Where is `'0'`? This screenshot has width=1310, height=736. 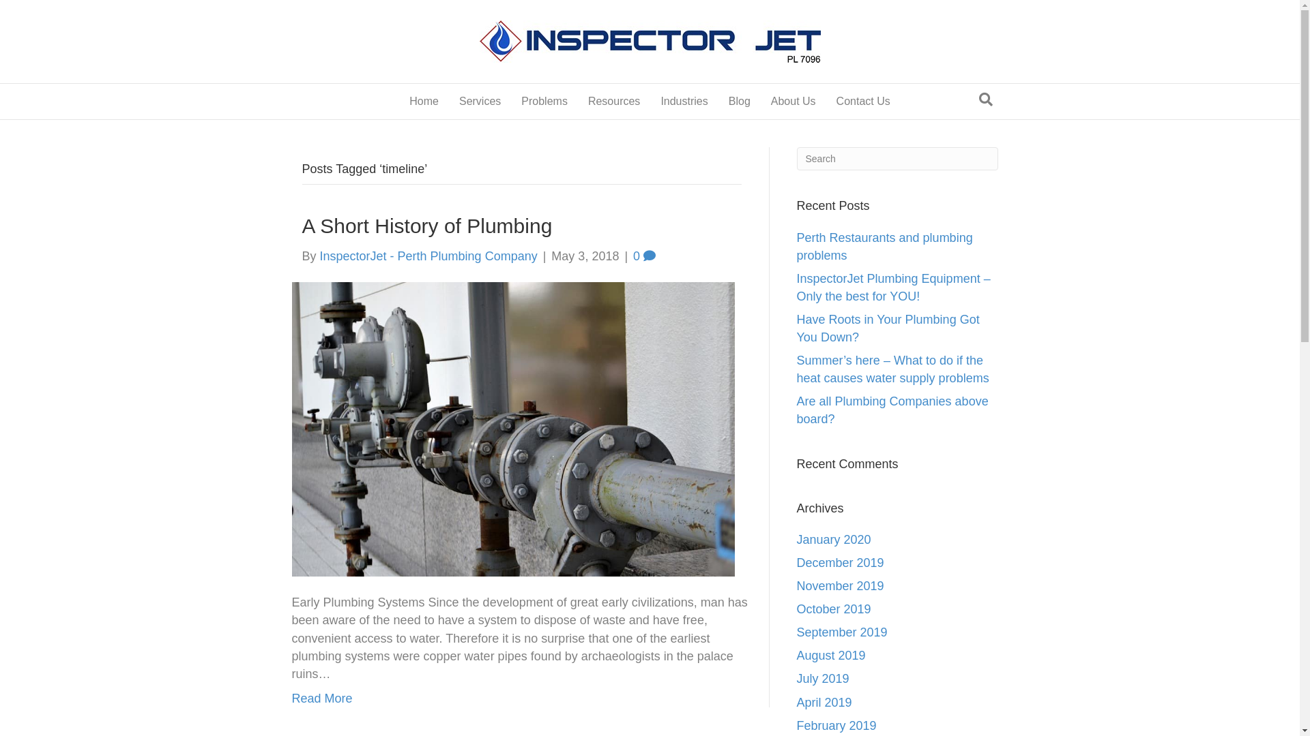
'0' is located at coordinates (643, 256).